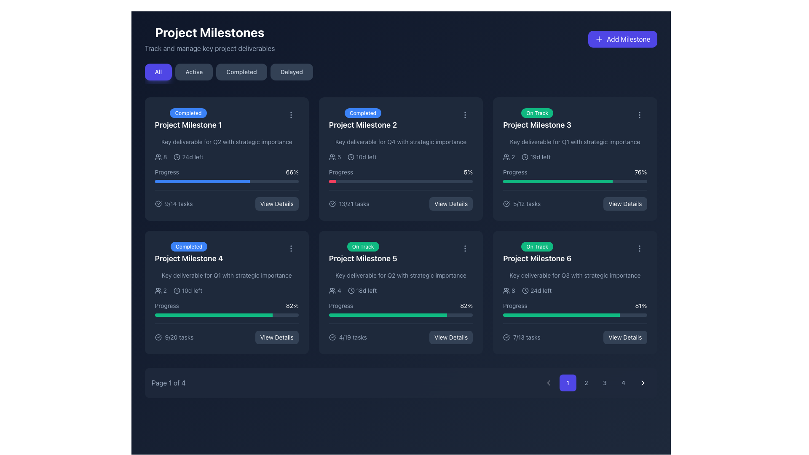 The width and height of the screenshot is (809, 455). Describe the element at coordinates (561, 315) in the screenshot. I see `the emerald-green filled progress bar segment indicating 81% completion within the 'Project Milestone 6' card` at that location.